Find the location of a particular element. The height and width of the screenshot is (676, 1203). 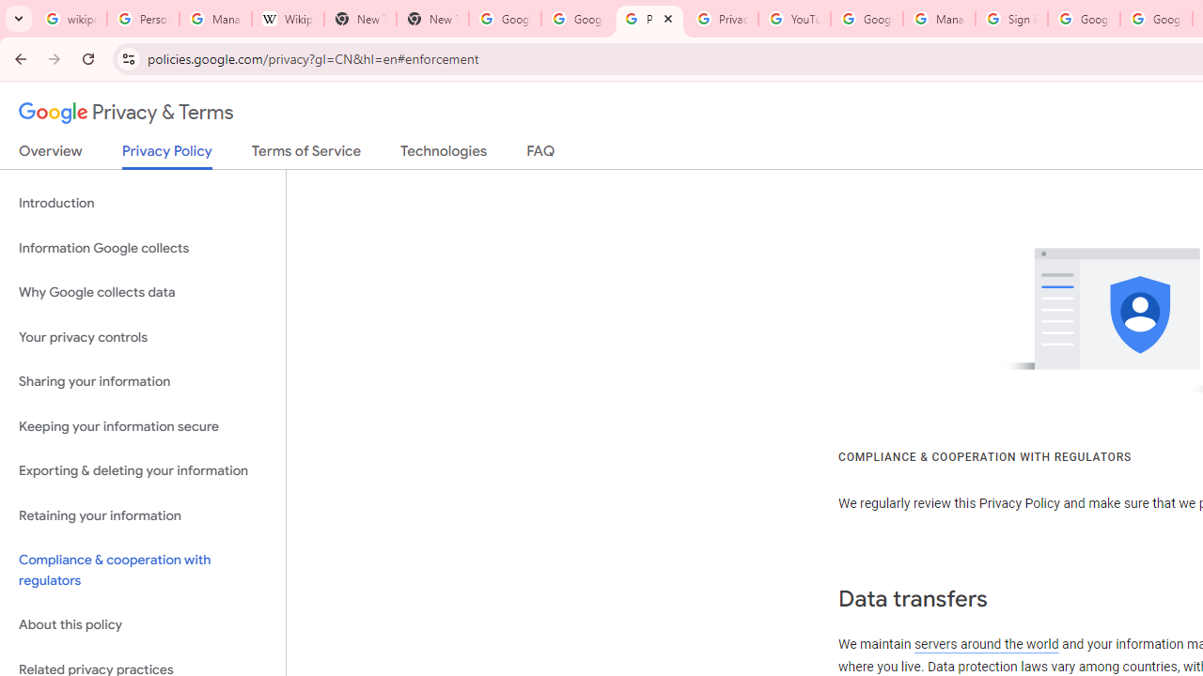

'Technologies' is located at coordinates (443, 154).